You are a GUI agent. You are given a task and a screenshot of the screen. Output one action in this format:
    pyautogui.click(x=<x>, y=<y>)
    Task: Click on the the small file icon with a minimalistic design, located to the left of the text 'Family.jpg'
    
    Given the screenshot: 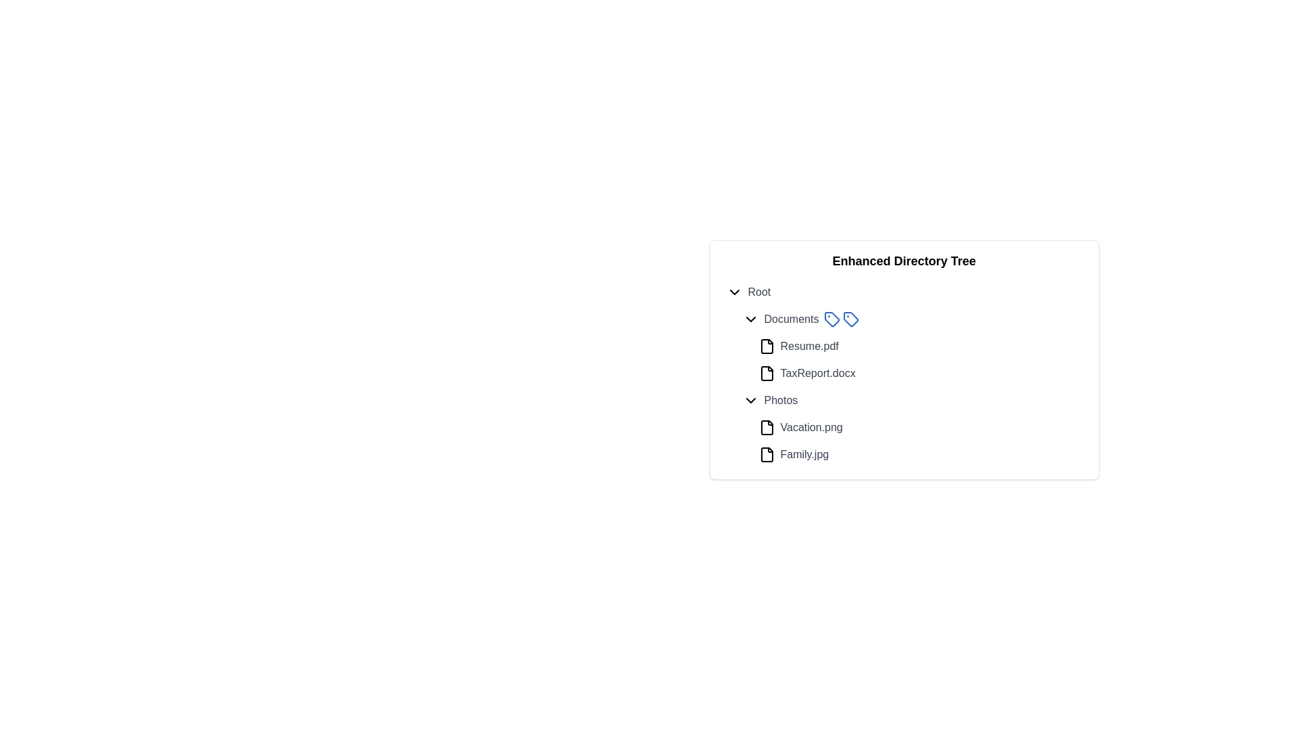 What is the action you would take?
    pyautogui.click(x=767, y=454)
    